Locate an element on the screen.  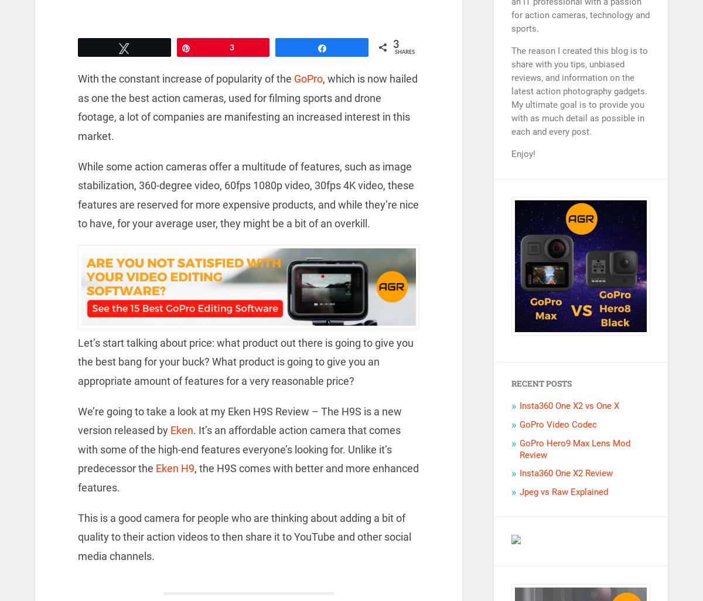
'Insta360 One X2 vs One X' is located at coordinates (569, 405).